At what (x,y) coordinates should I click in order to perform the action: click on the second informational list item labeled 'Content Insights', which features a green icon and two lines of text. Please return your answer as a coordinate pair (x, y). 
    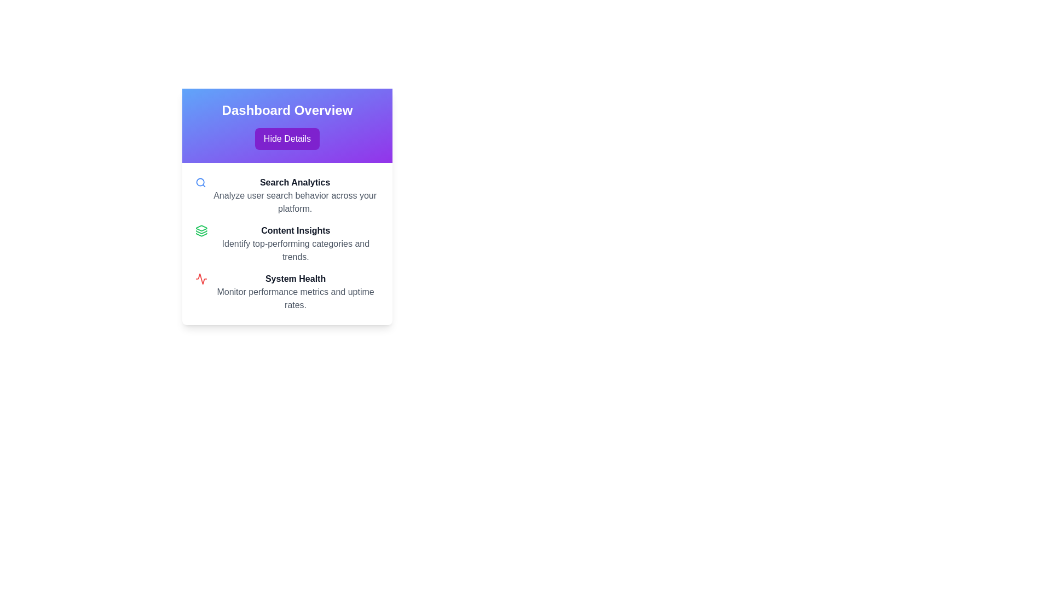
    Looking at the image, I should click on (287, 244).